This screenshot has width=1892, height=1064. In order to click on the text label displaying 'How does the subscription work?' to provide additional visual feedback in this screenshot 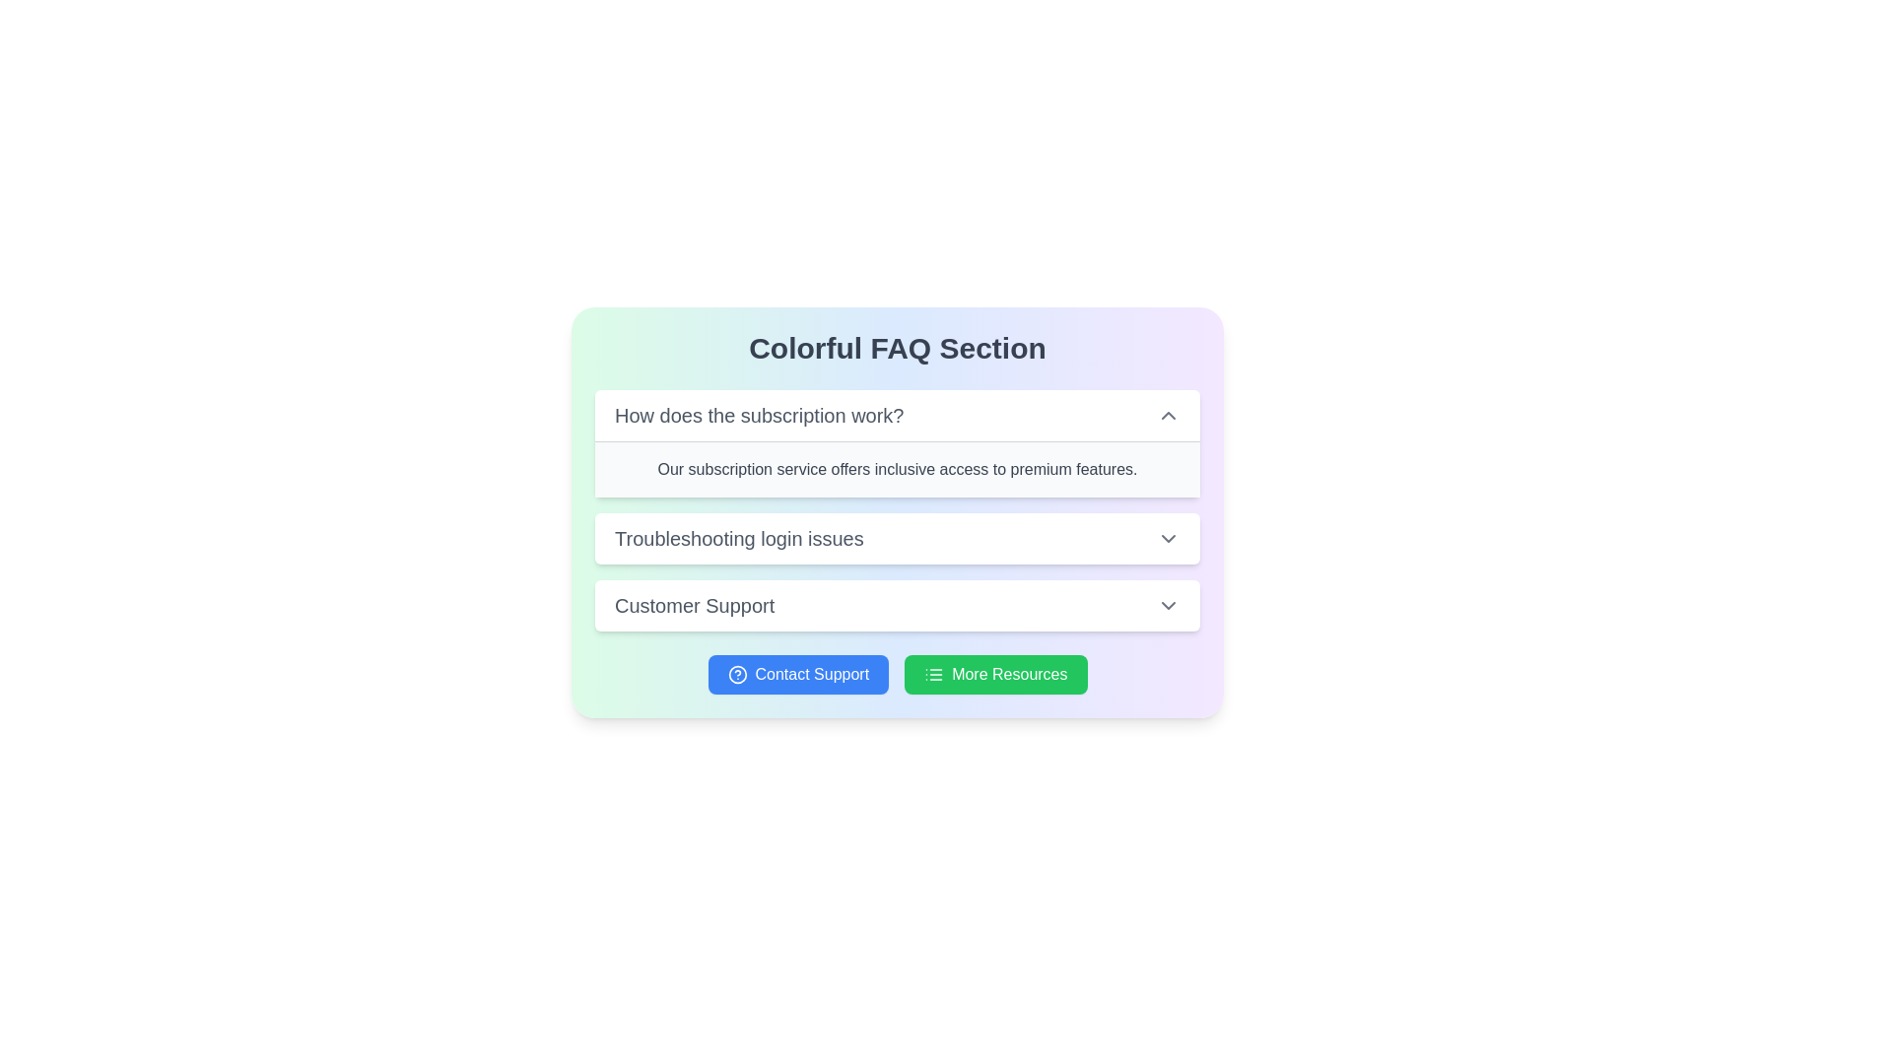, I will do `click(758, 414)`.